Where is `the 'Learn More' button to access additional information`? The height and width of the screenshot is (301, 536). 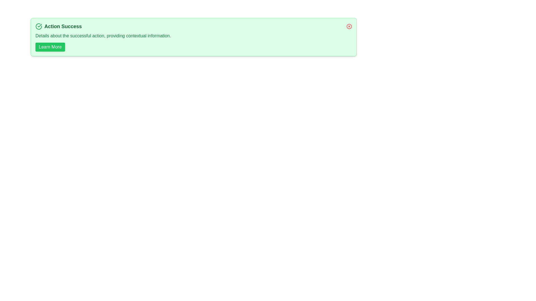 the 'Learn More' button to access additional information is located at coordinates (50, 47).